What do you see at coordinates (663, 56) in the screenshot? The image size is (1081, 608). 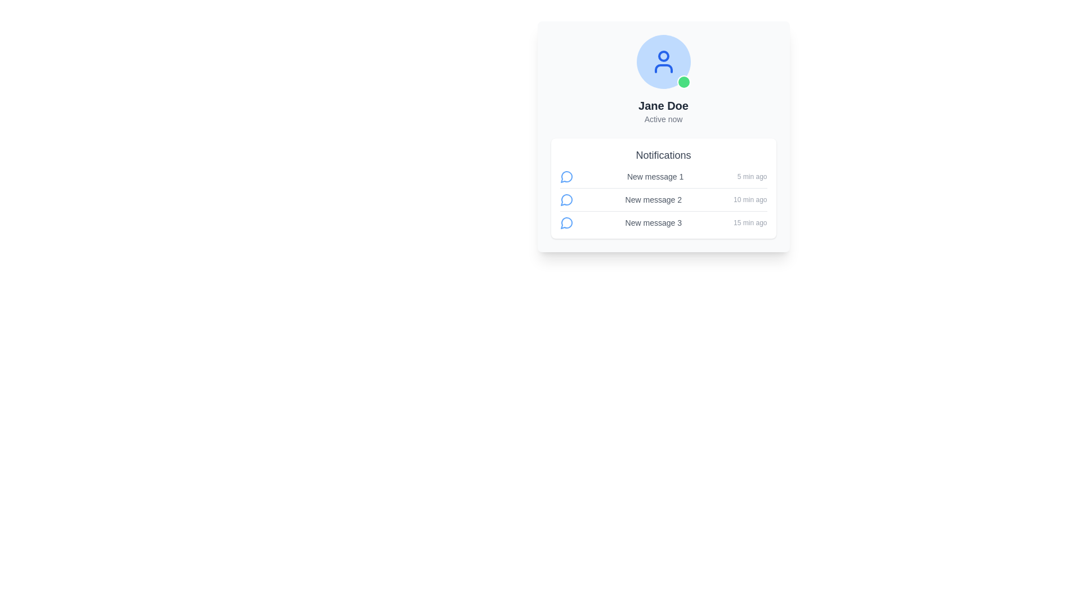 I see `the circular shape within the user icon SVG, which is centered in a blue circular background and positioned at the top of the user card` at bounding box center [663, 56].